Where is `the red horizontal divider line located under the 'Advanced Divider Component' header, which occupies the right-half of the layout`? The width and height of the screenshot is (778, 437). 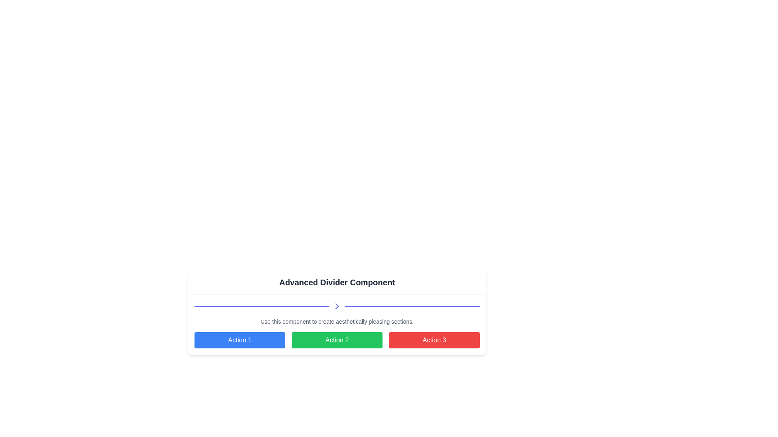 the red horizontal divider line located under the 'Advanced Divider Component' header, which occupies the right-half of the layout is located at coordinates (412, 306).